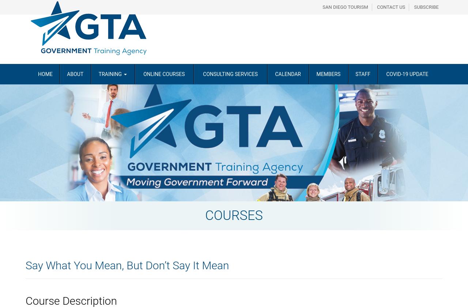 The width and height of the screenshot is (468, 308). What do you see at coordinates (414, 7) in the screenshot?
I see `'Subscribe'` at bounding box center [414, 7].